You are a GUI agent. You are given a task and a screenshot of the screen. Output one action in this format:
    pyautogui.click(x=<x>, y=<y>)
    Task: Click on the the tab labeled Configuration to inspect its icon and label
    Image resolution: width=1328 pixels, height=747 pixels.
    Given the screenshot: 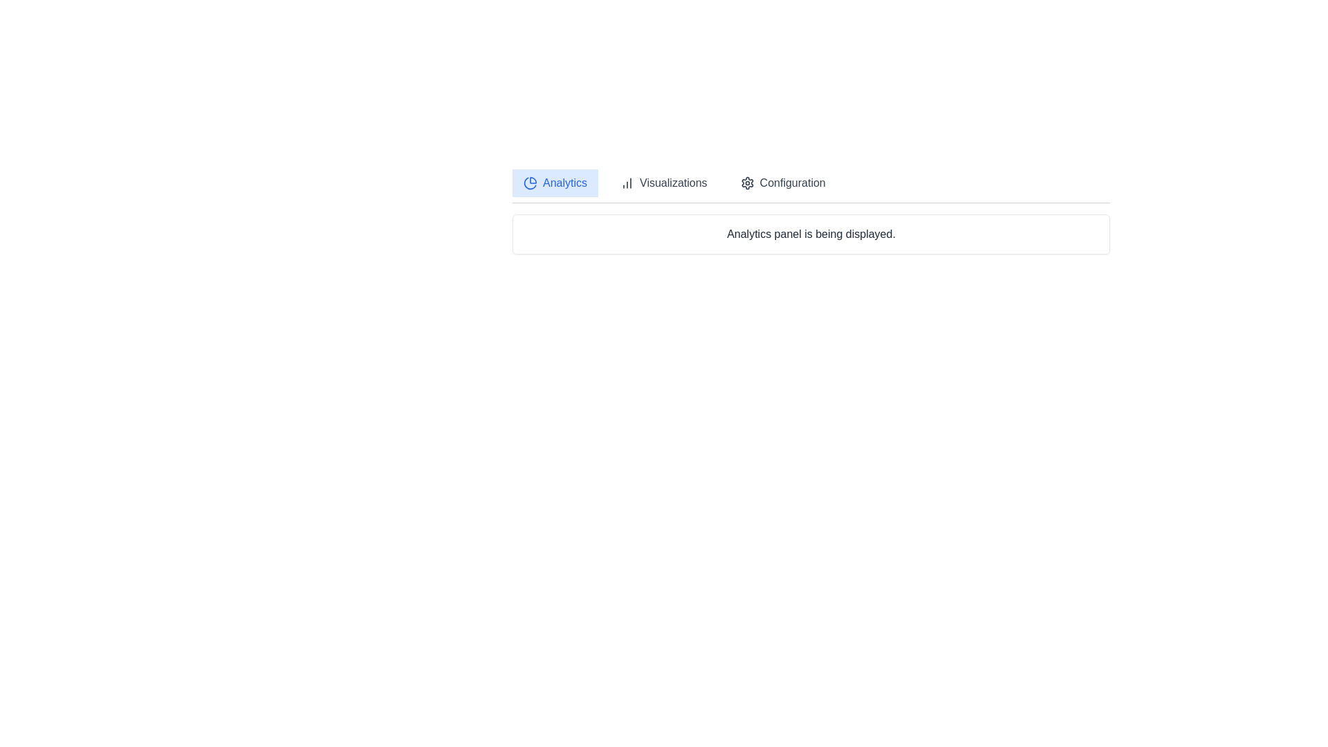 What is the action you would take?
    pyautogui.click(x=783, y=183)
    